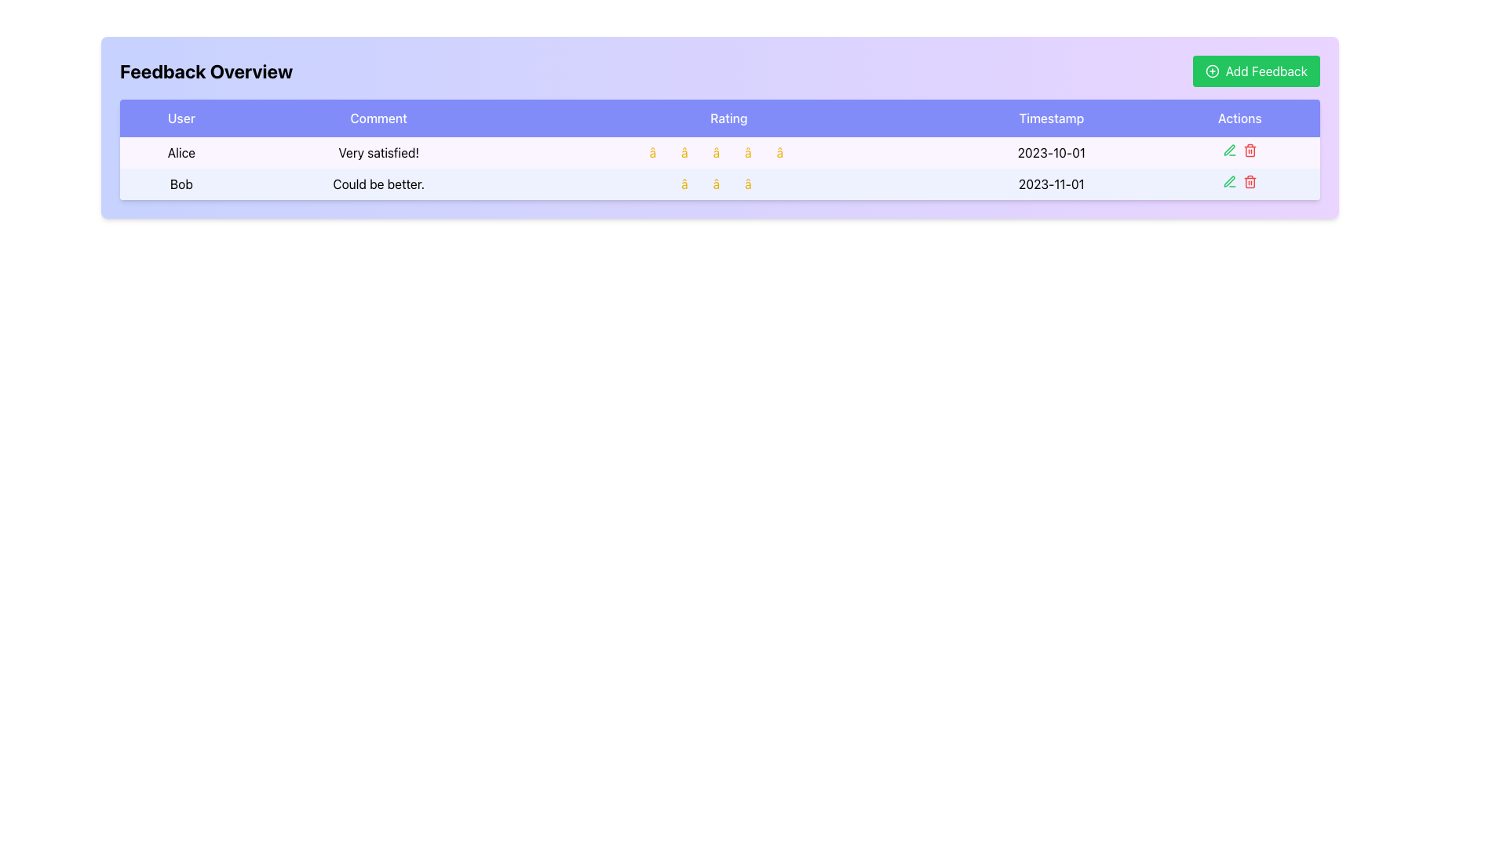  I want to click on text of the 'Rating' column header, which is the third header in a row of five, positioned between 'Comment' and 'Timestamp', so click(719, 117).